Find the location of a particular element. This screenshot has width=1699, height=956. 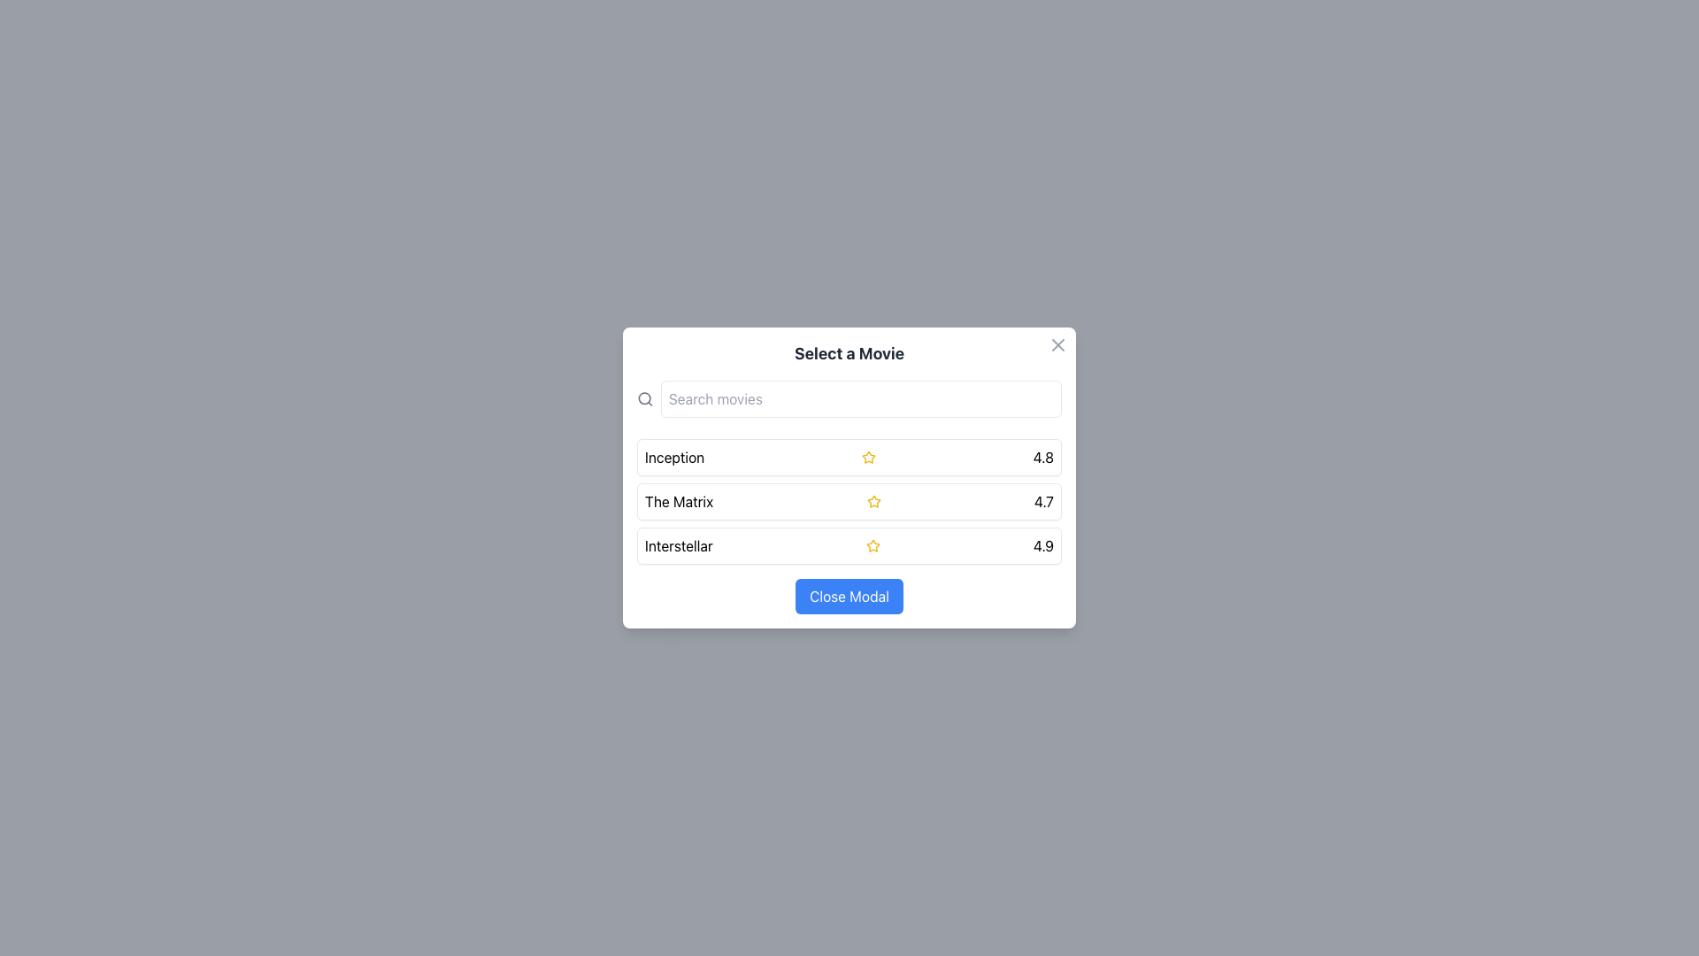

the movie title text label located at the top of the list in the modal window for potential interactions is located at coordinates (673, 456).